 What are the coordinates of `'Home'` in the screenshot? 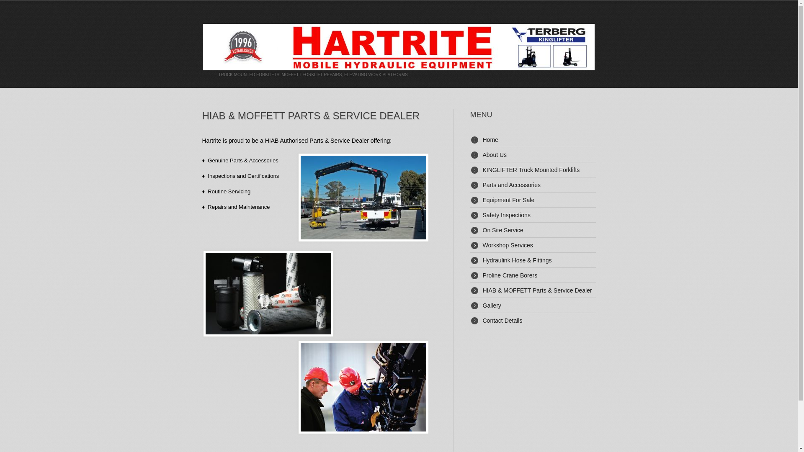 It's located at (490, 139).